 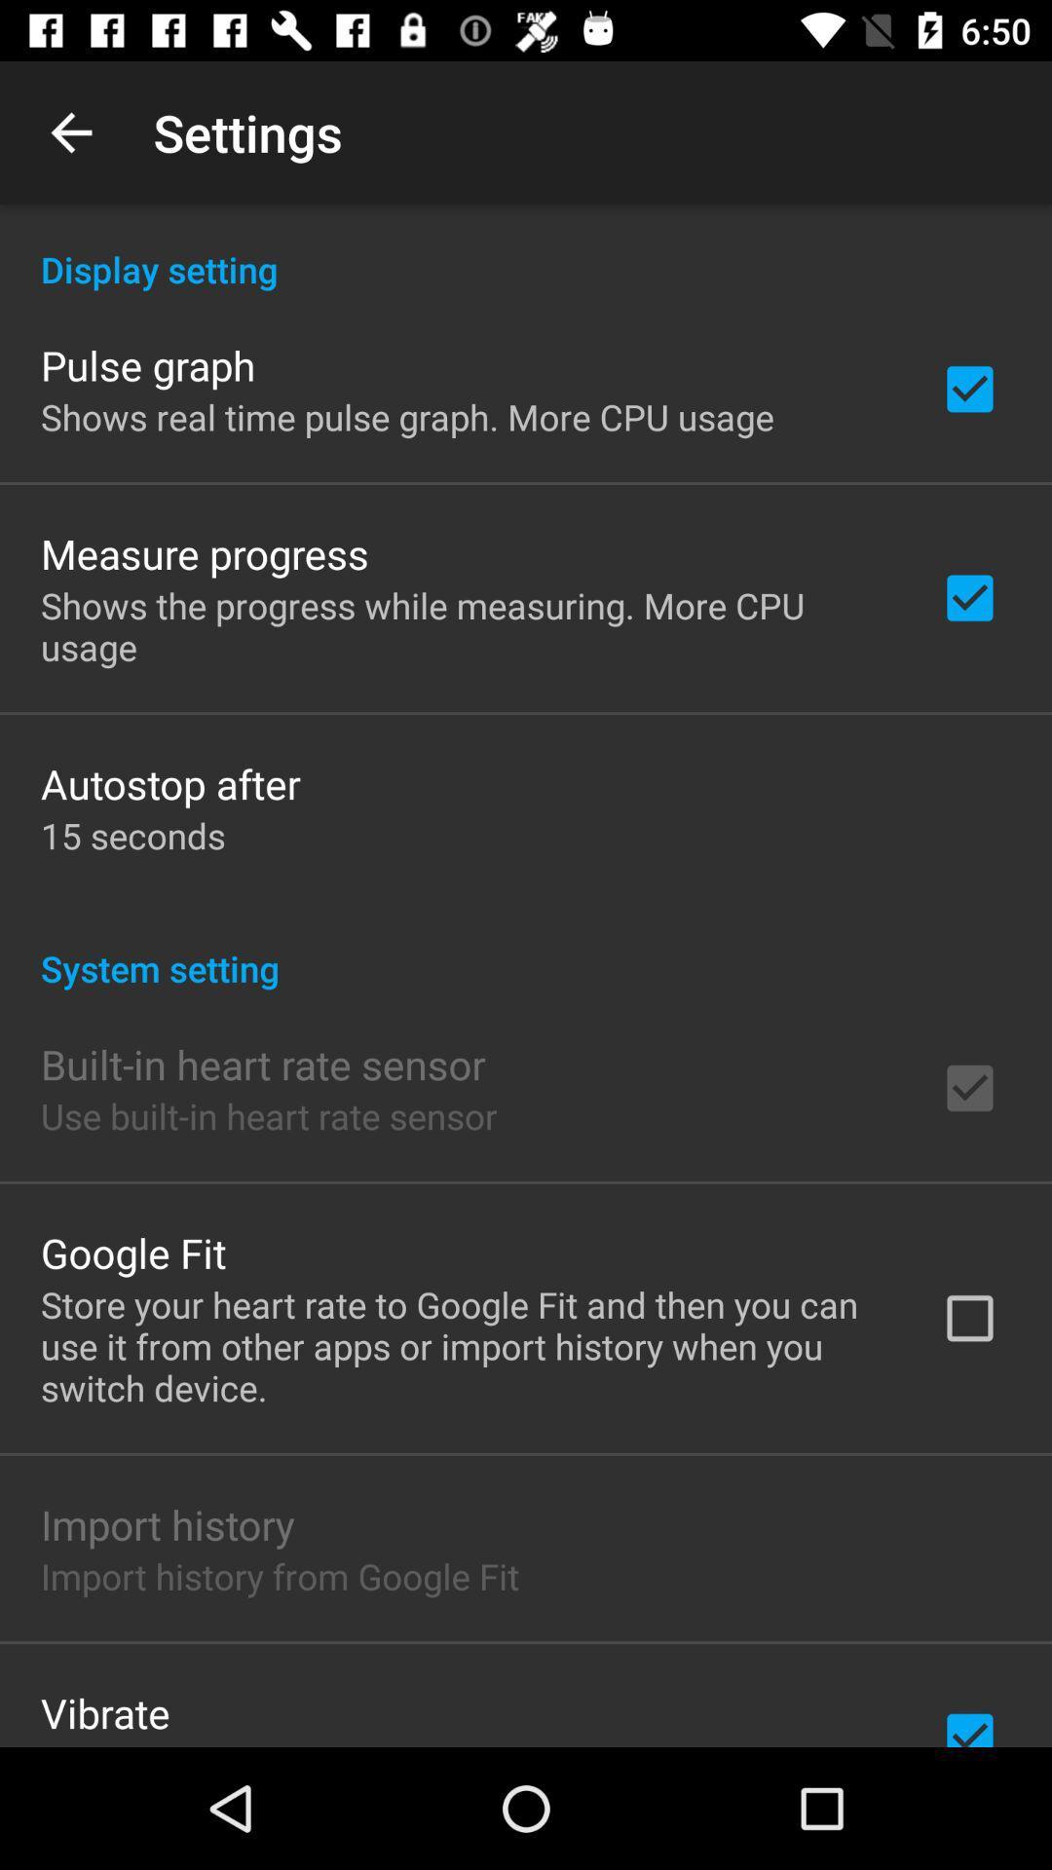 I want to click on icon to the left of the settings app, so click(x=70, y=131).